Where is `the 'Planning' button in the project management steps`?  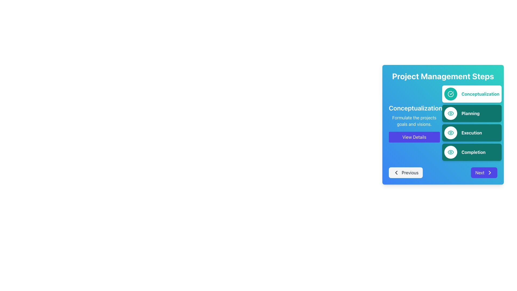
the 'Planning' button in the project management steps is located at coordinates (471, 113).